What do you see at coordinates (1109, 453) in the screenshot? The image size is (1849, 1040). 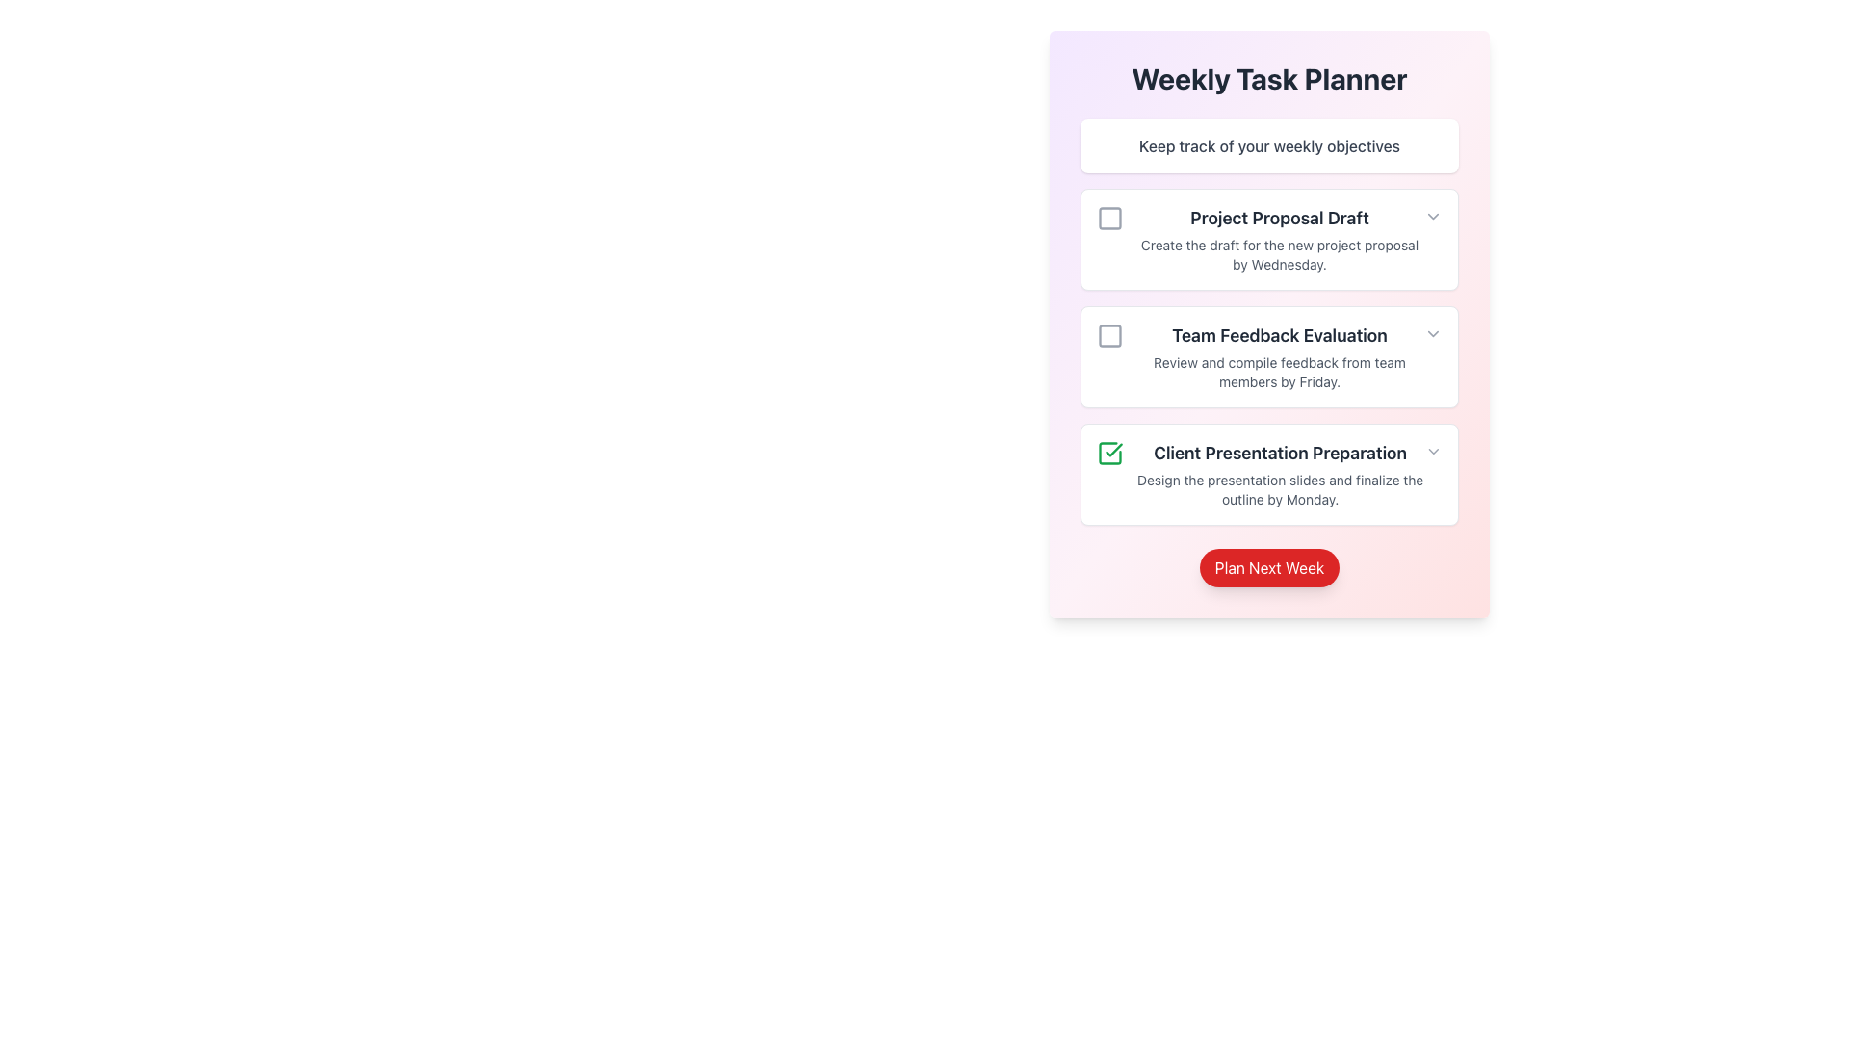 I see `the interactive checkbox indicating task completion, located to the immediate left of the title 'Client Presentation Preparation'` at bounding box center [1109, 453].